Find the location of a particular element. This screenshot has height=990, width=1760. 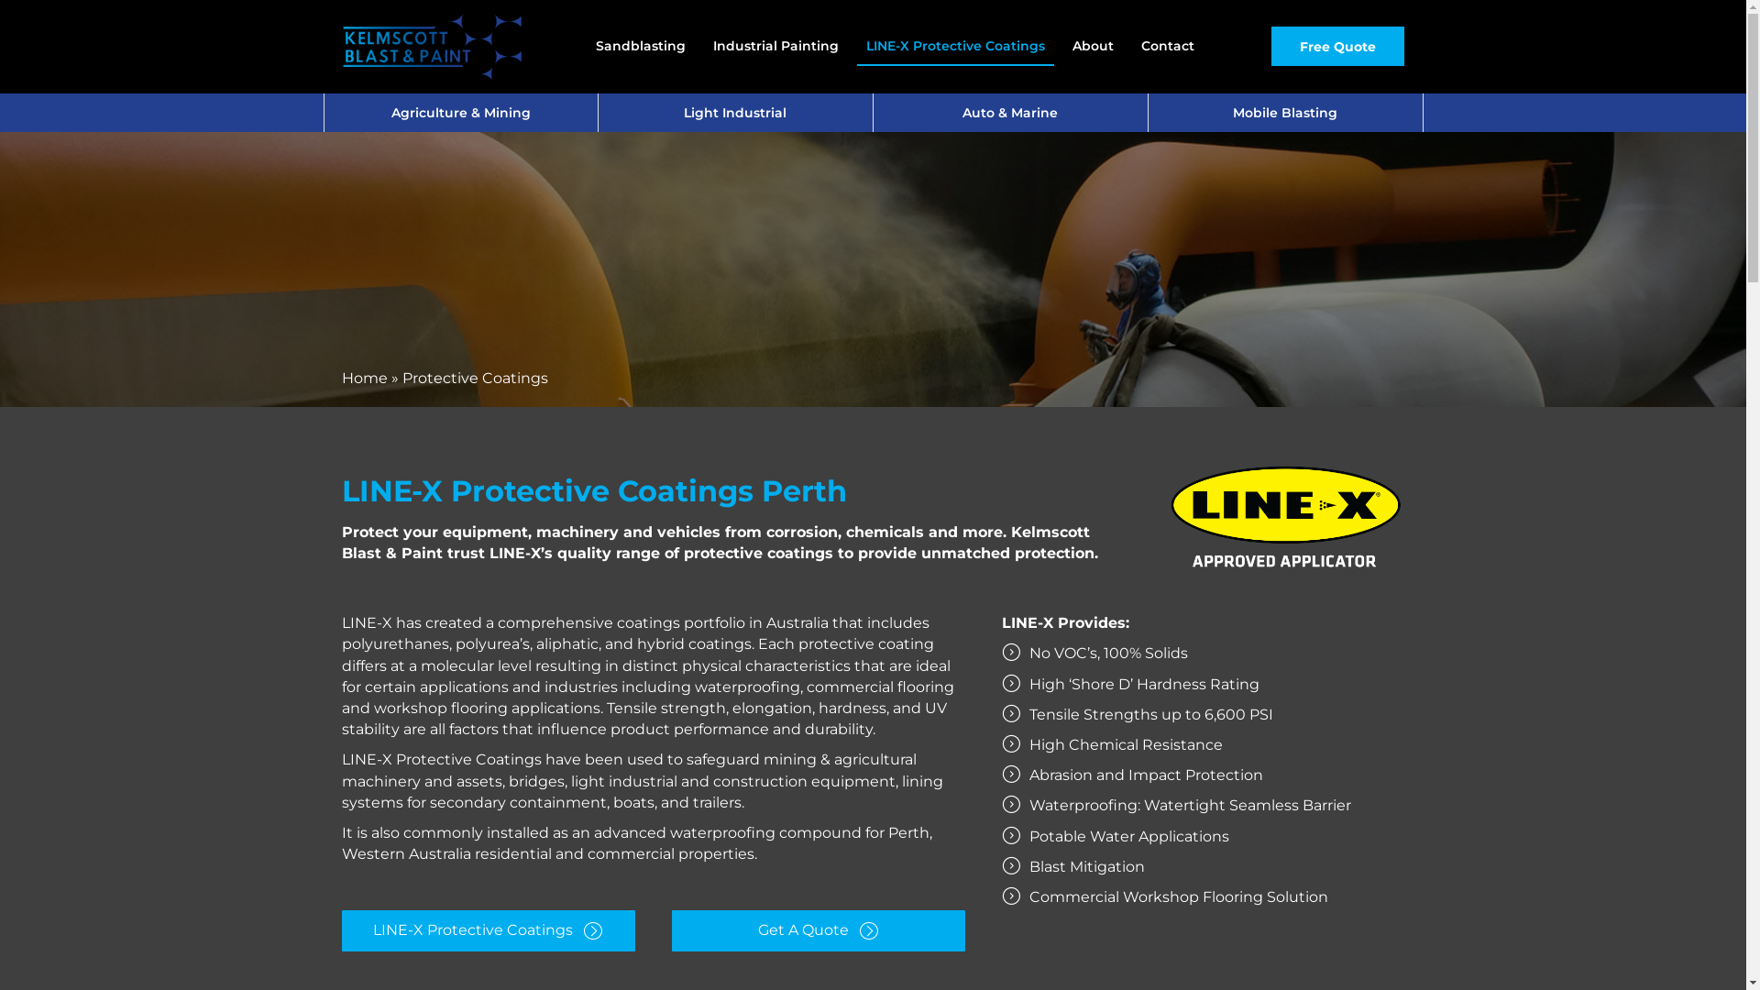

'LINE-X Approved Applicator White' is located at coordinates (1283, 519).